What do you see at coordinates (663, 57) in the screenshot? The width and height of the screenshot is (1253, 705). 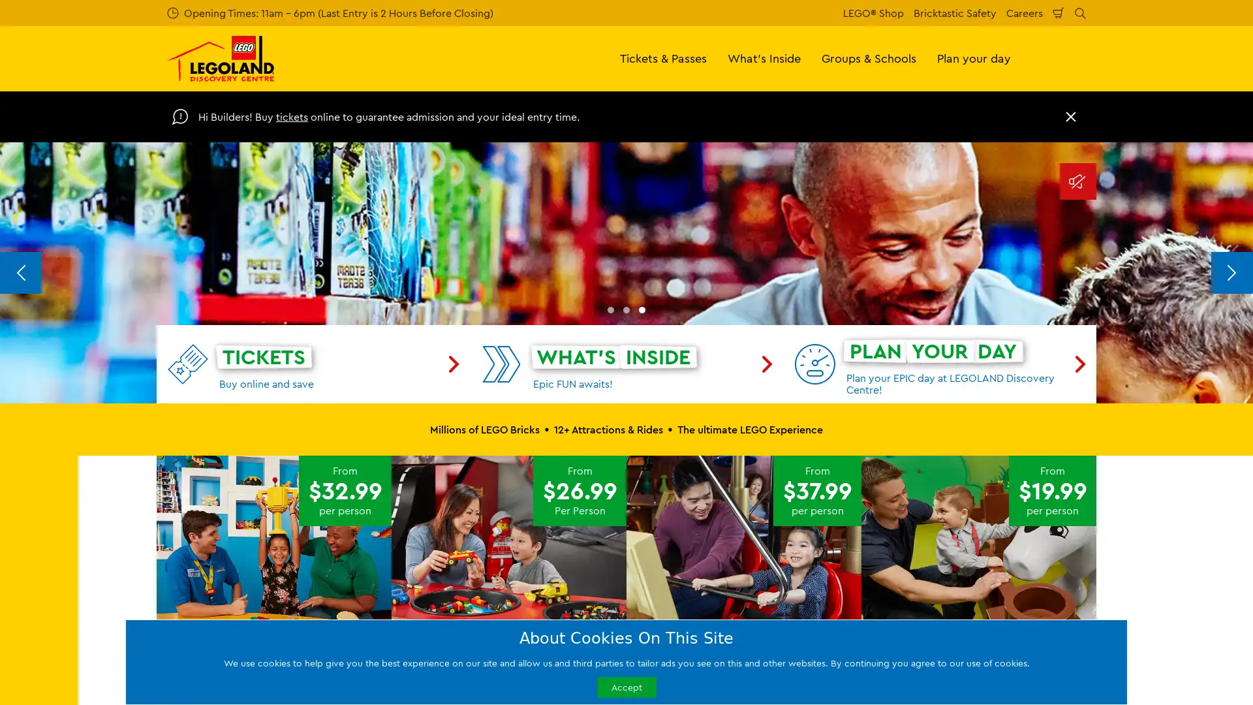 I see `Tickets & Passes` at bounding box center [663, 57].